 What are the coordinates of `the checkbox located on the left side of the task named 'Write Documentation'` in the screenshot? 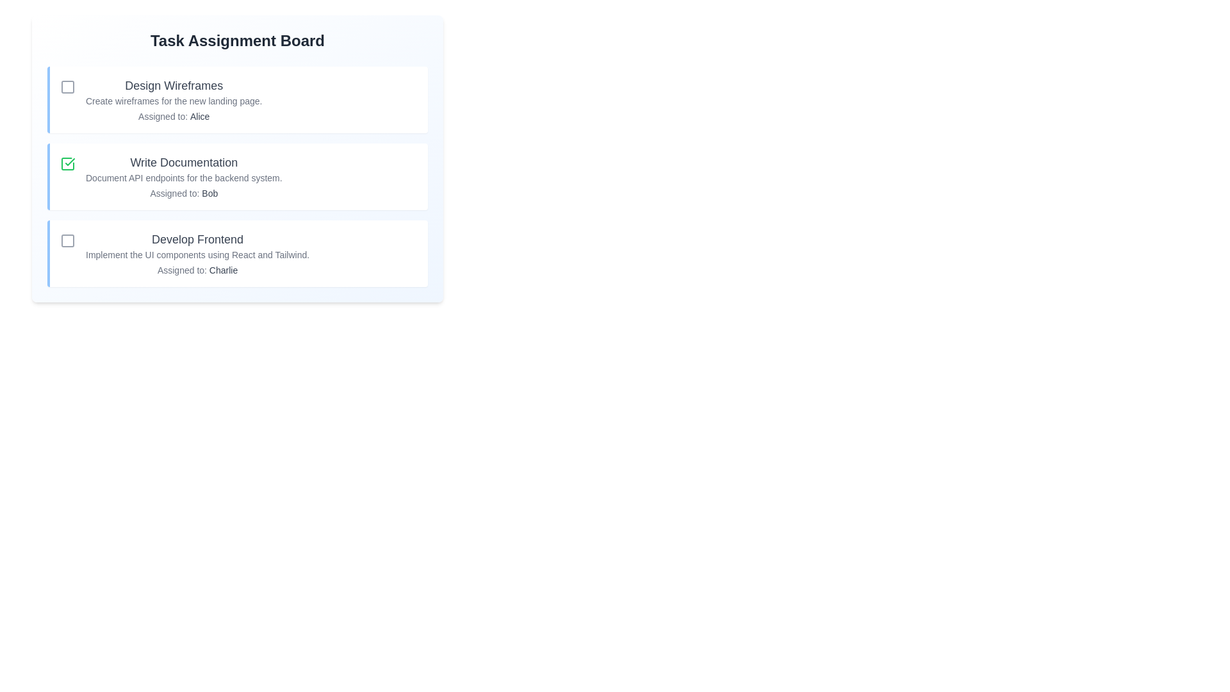 It's located at (67, 163).